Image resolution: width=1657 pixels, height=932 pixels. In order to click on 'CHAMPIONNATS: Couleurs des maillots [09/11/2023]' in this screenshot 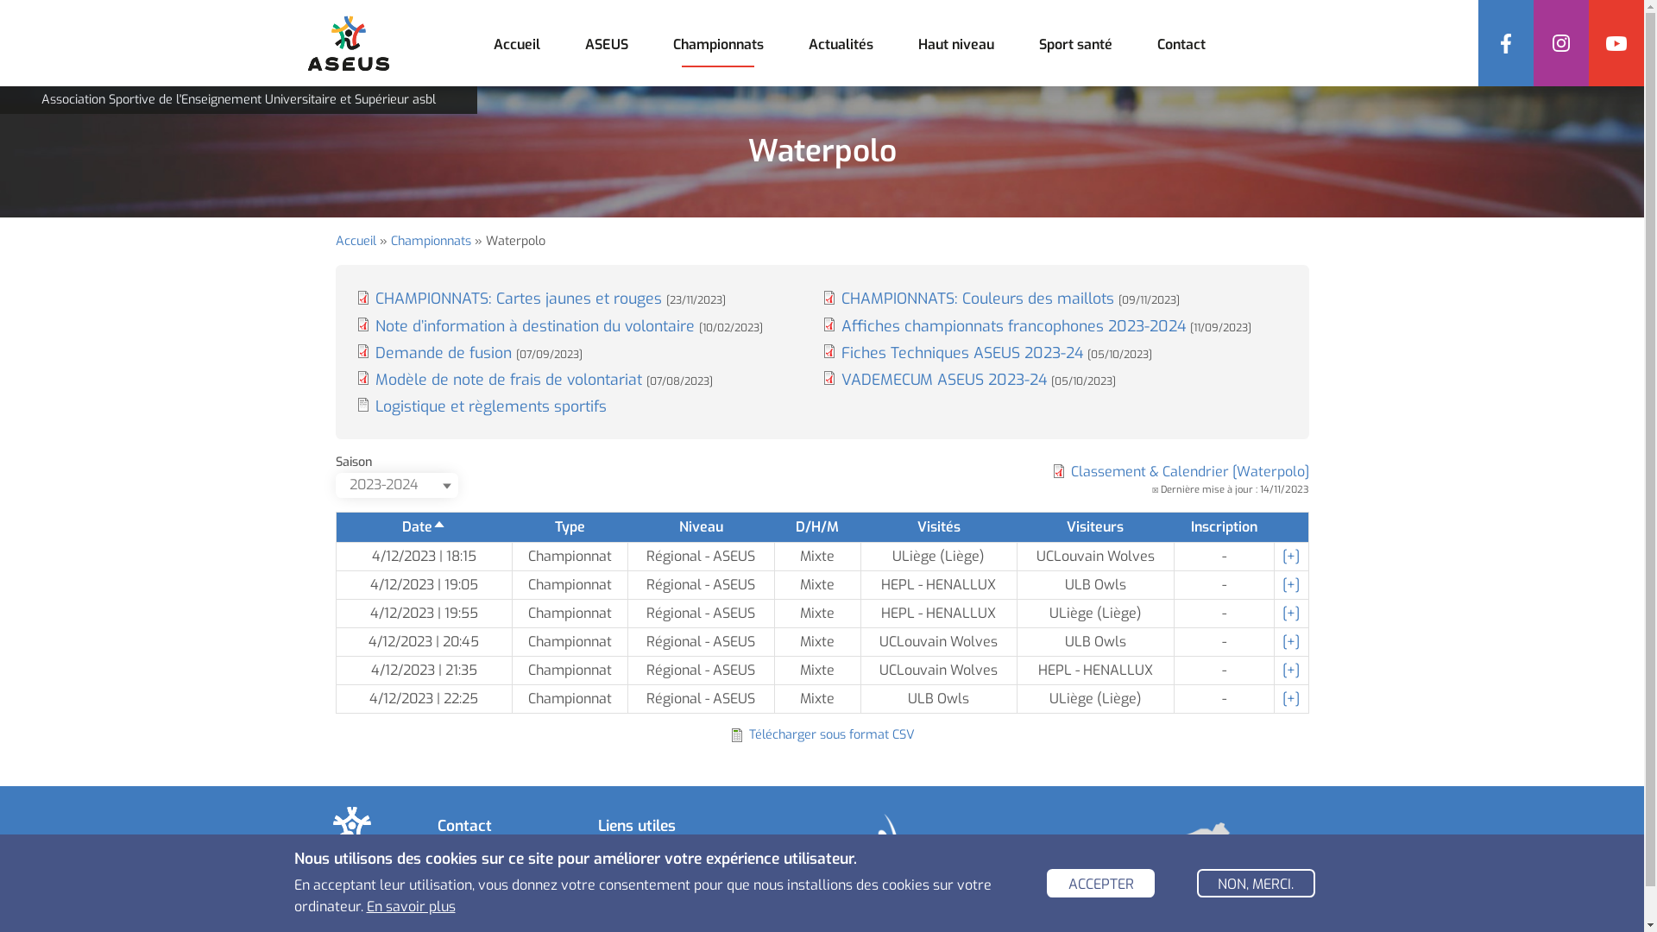, I will do `click(999, 298)`.